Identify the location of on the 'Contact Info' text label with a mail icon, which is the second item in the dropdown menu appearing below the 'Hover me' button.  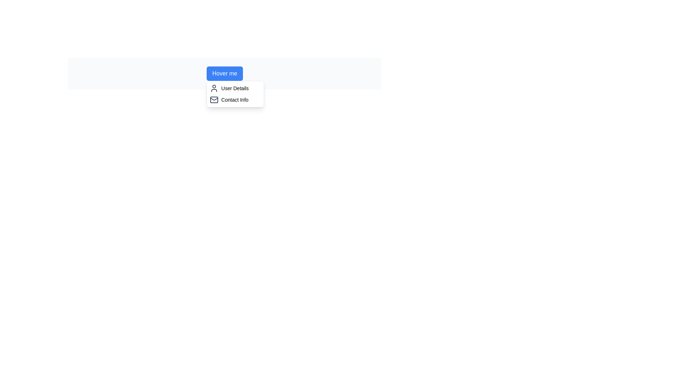
(235, 100).